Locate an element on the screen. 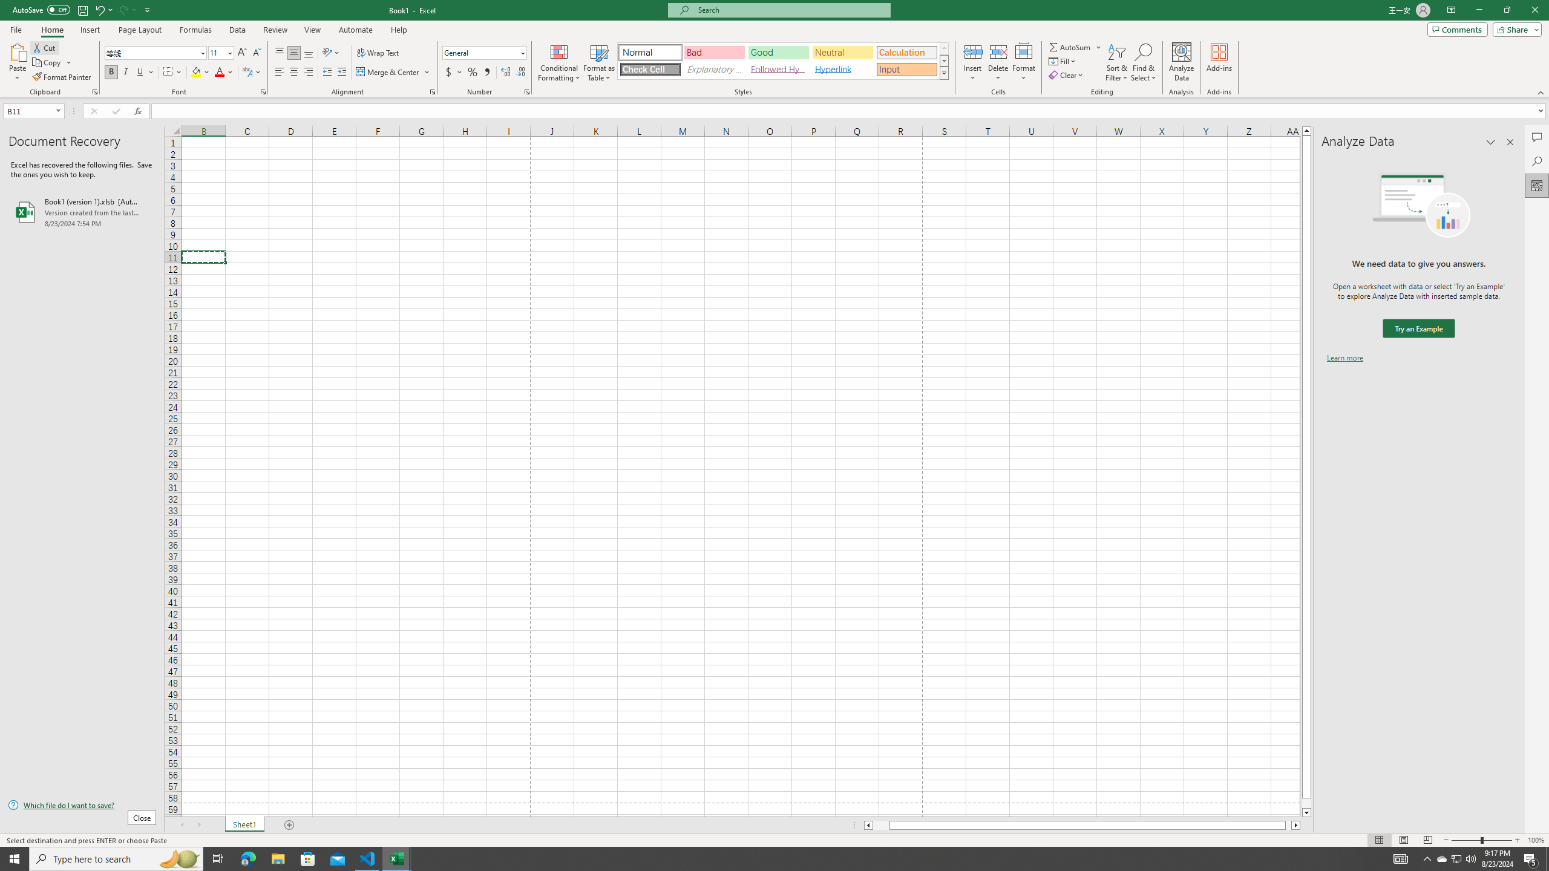 The width and height of the screenshot is (1549, 871). 'Decrease Font Size' is located at coordinates (256, 53).